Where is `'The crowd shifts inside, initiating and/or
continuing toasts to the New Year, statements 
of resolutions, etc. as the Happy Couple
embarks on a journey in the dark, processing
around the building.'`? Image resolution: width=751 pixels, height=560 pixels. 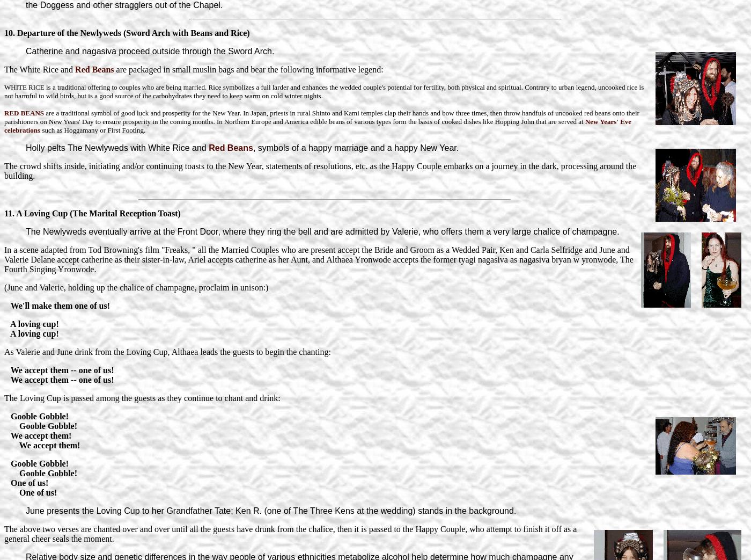 'The crowd shifts inside, initiating and/or
continuing toasts to the New Year, statements 
of resolutions, etc. as the Happy Couple
embarks on a journey in the dark, processing
around the building.' is located at coordinates (320, 170).